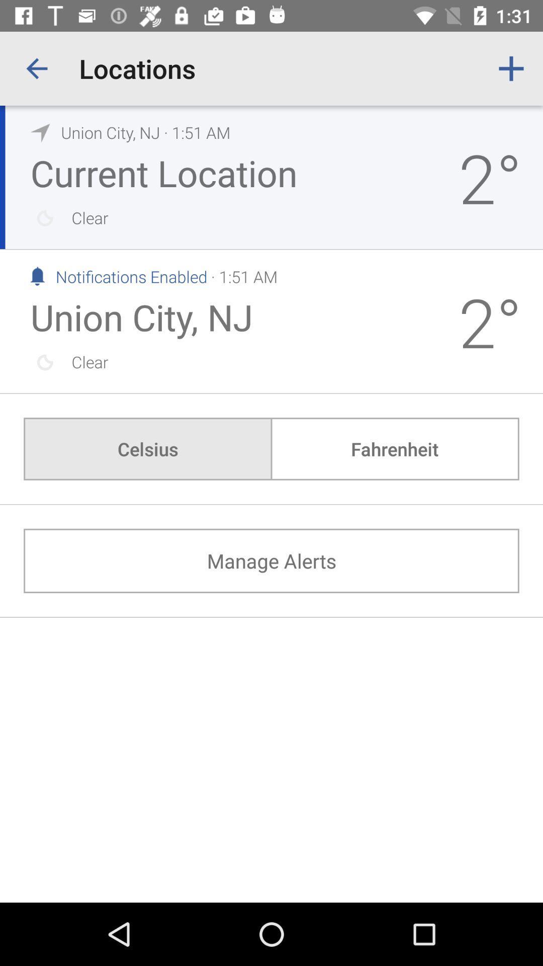 The image size is (543, 966). Describe the element at coordinates (36, 68) in the screenshot. I see `the icon to the left of locations icon` at that location.